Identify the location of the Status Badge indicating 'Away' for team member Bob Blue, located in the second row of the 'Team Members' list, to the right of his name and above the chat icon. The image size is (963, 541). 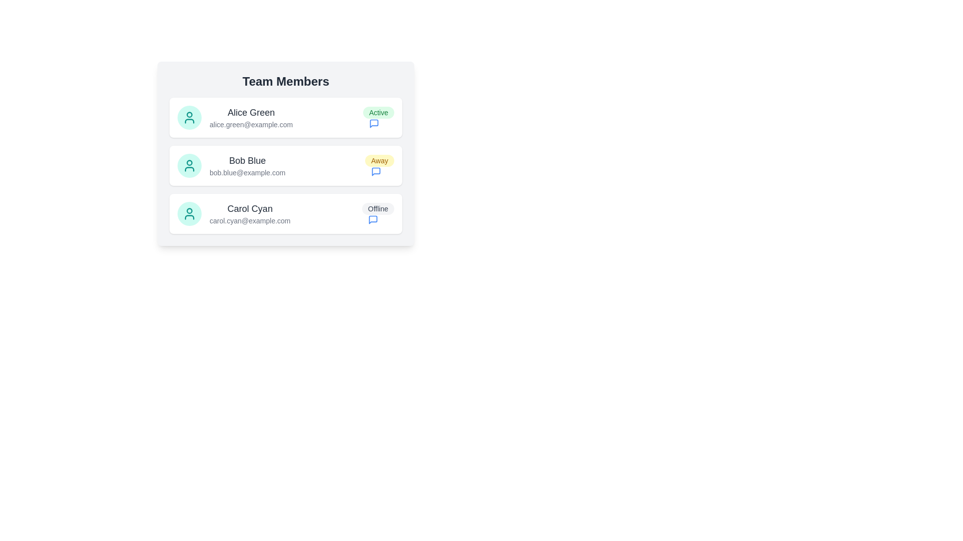
(379, 160).